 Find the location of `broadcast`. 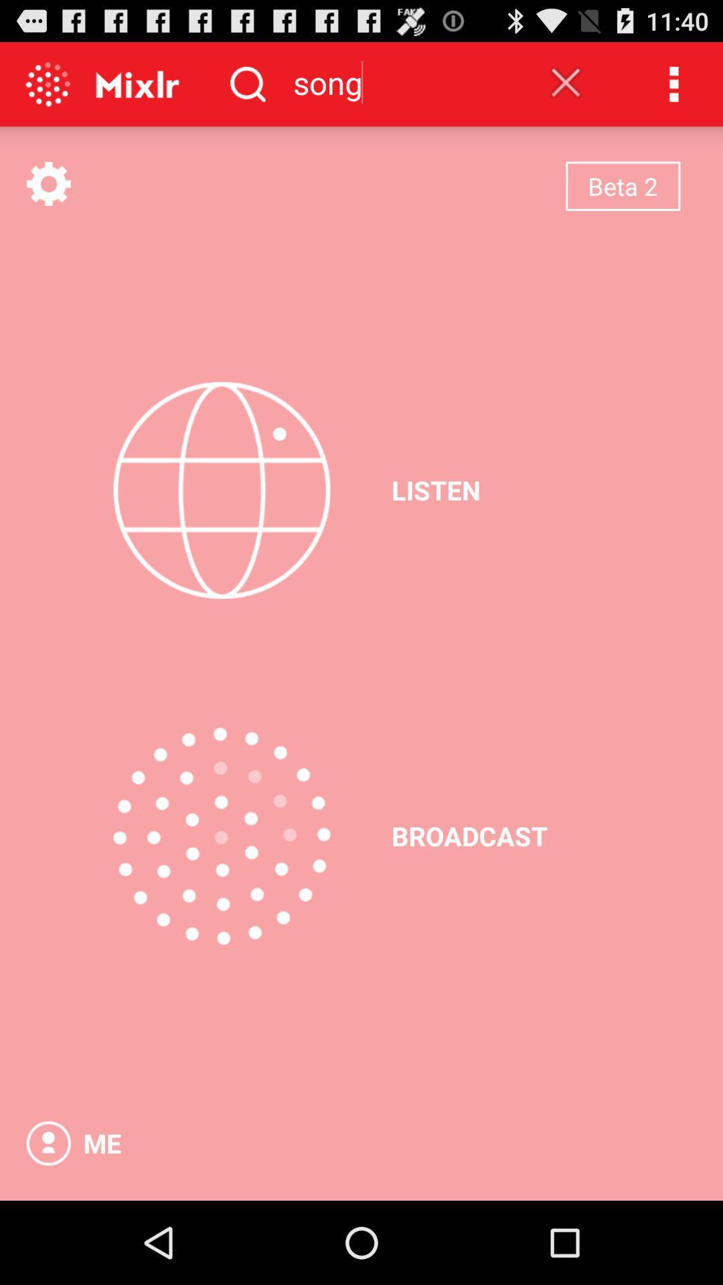

broadcast is located at coordinates (221, 835).